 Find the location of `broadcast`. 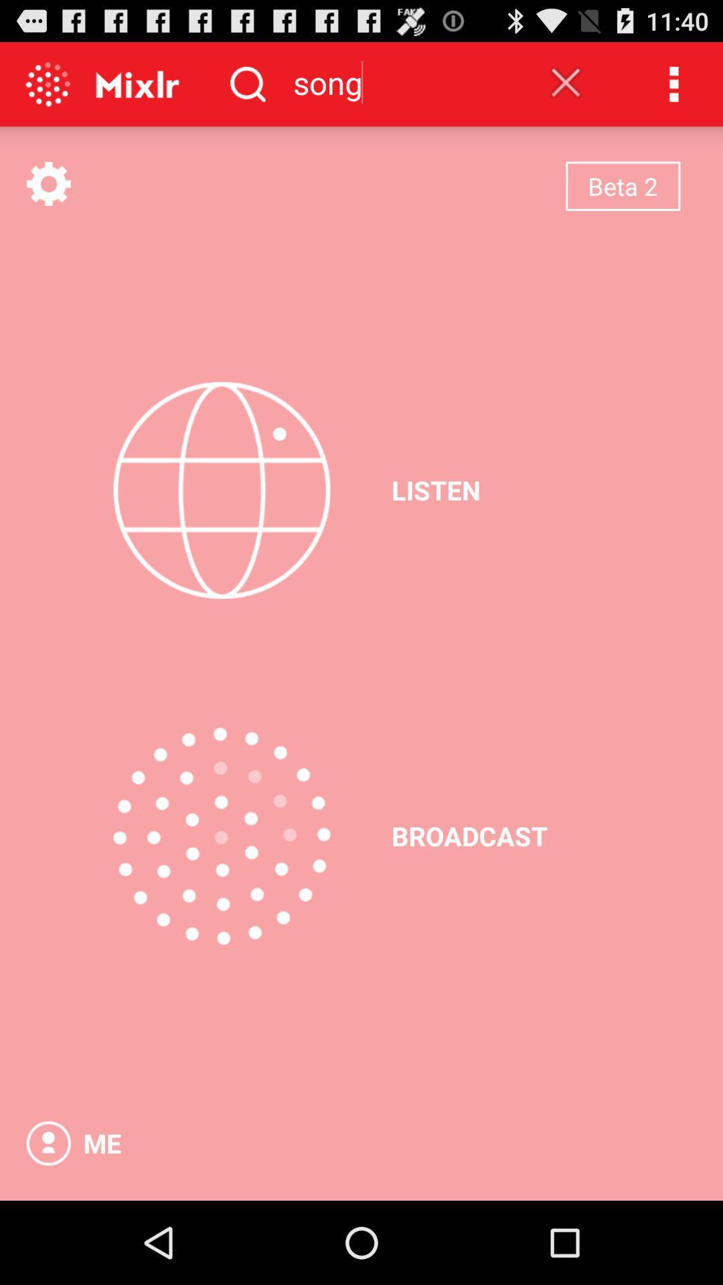

broadcast is located at coordinates (221, 835).